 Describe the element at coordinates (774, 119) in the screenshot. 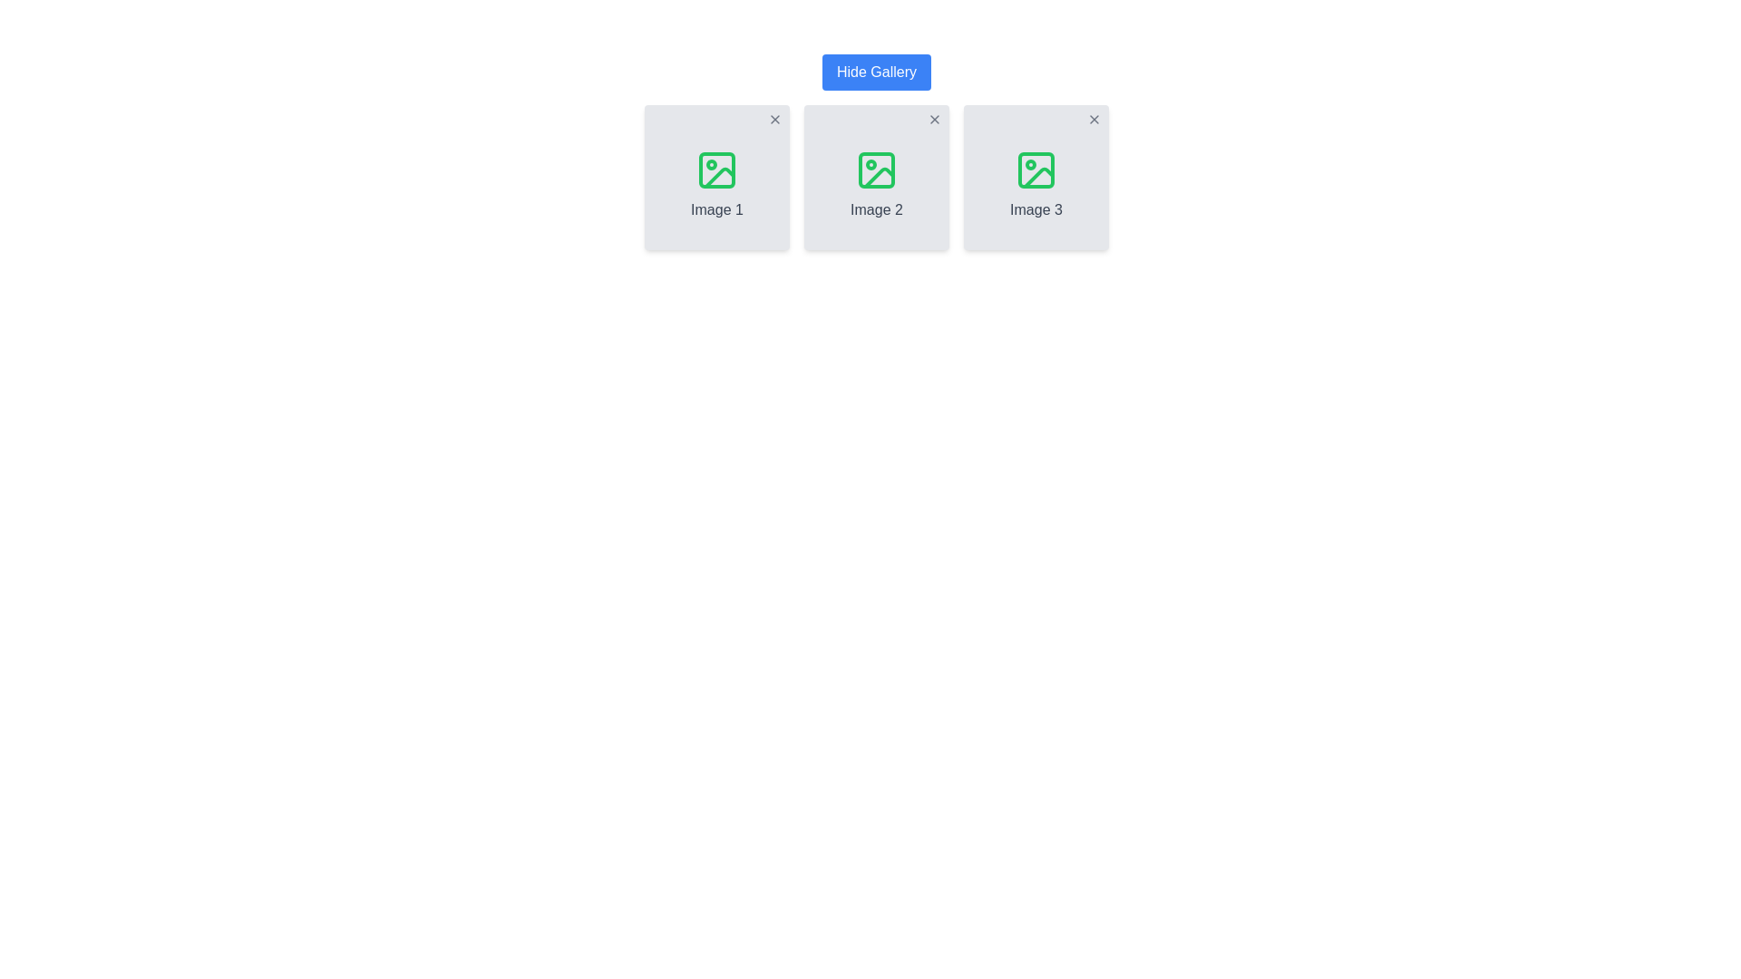

I see `the close button located at the top-right corner of the card labeled 'Image 1'` at that location.